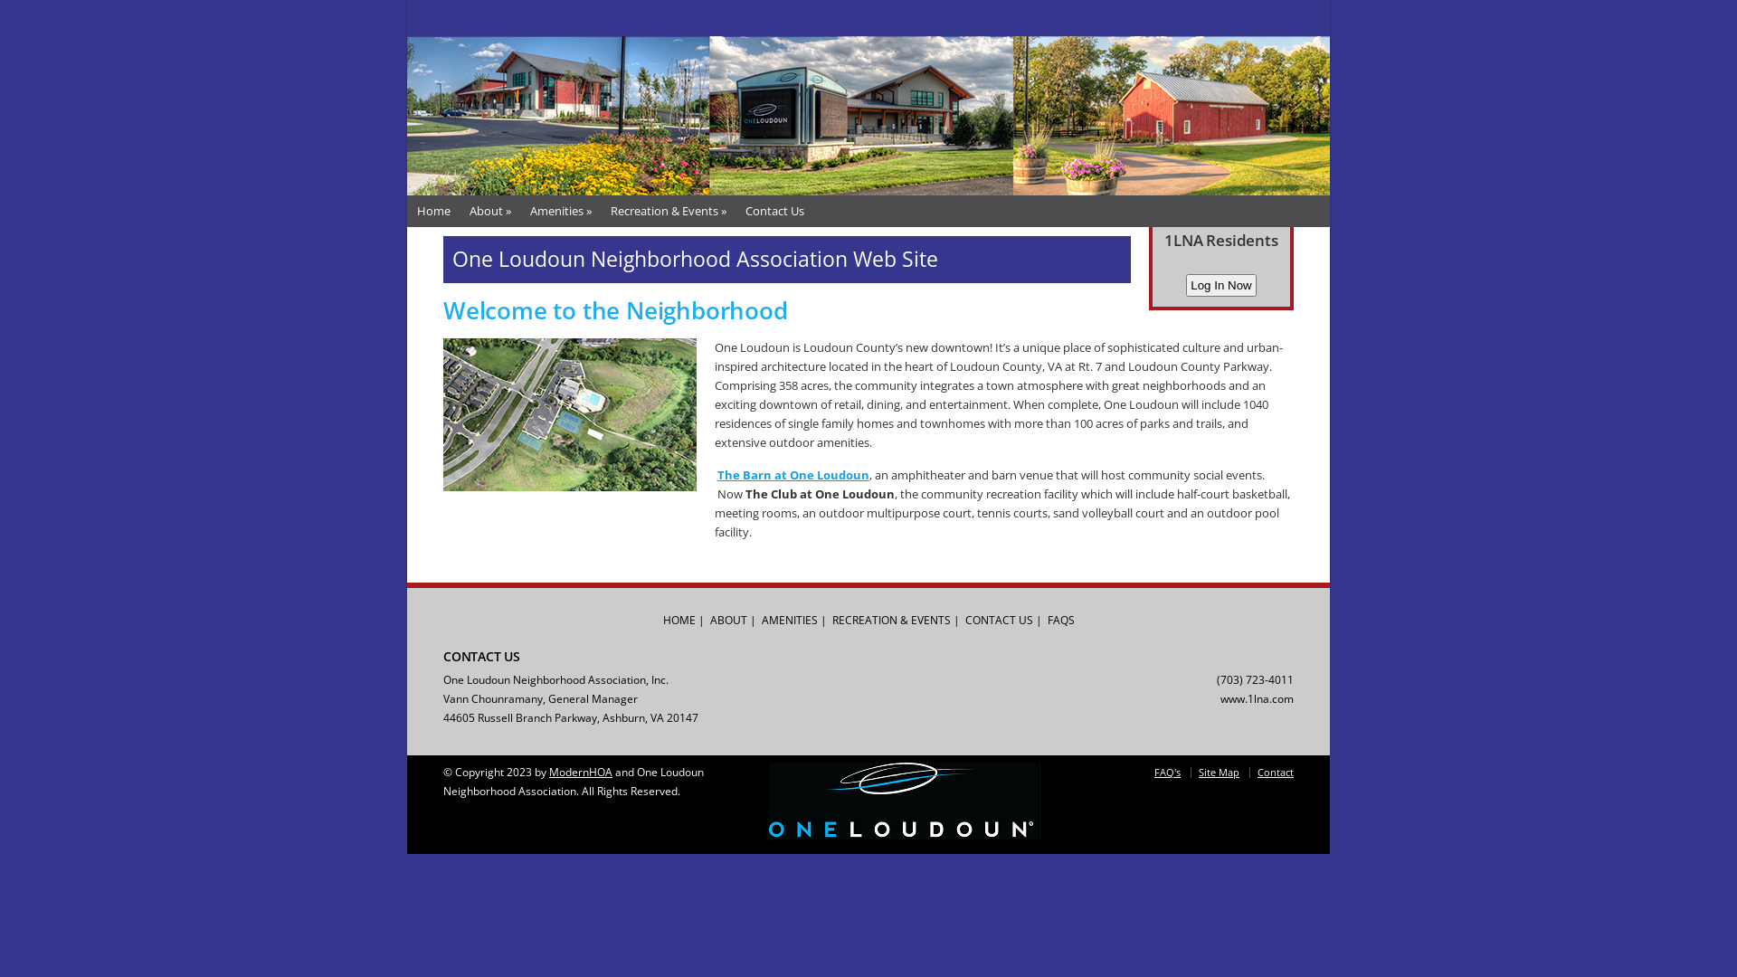  I want to click on 'AMENITIES', so click(790, 619).